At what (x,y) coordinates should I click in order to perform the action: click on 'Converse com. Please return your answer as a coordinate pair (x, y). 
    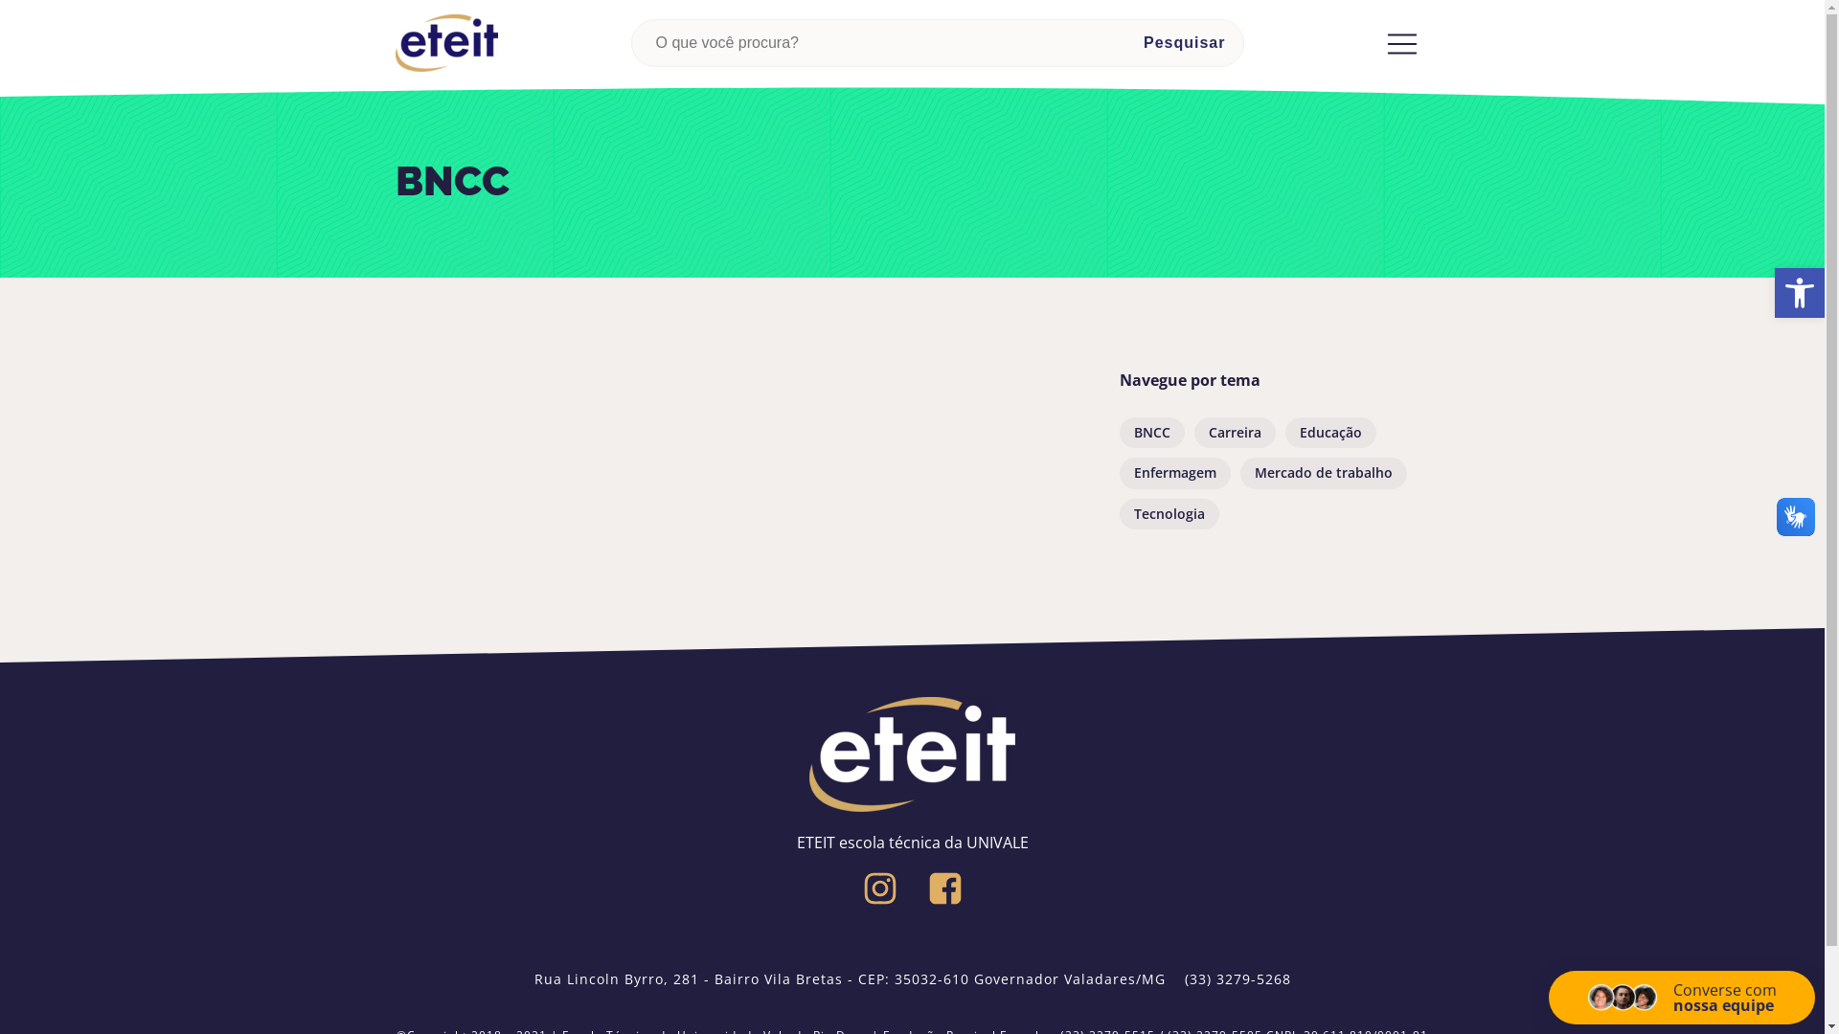
    Looking at the image, I should click on (1681, 996).